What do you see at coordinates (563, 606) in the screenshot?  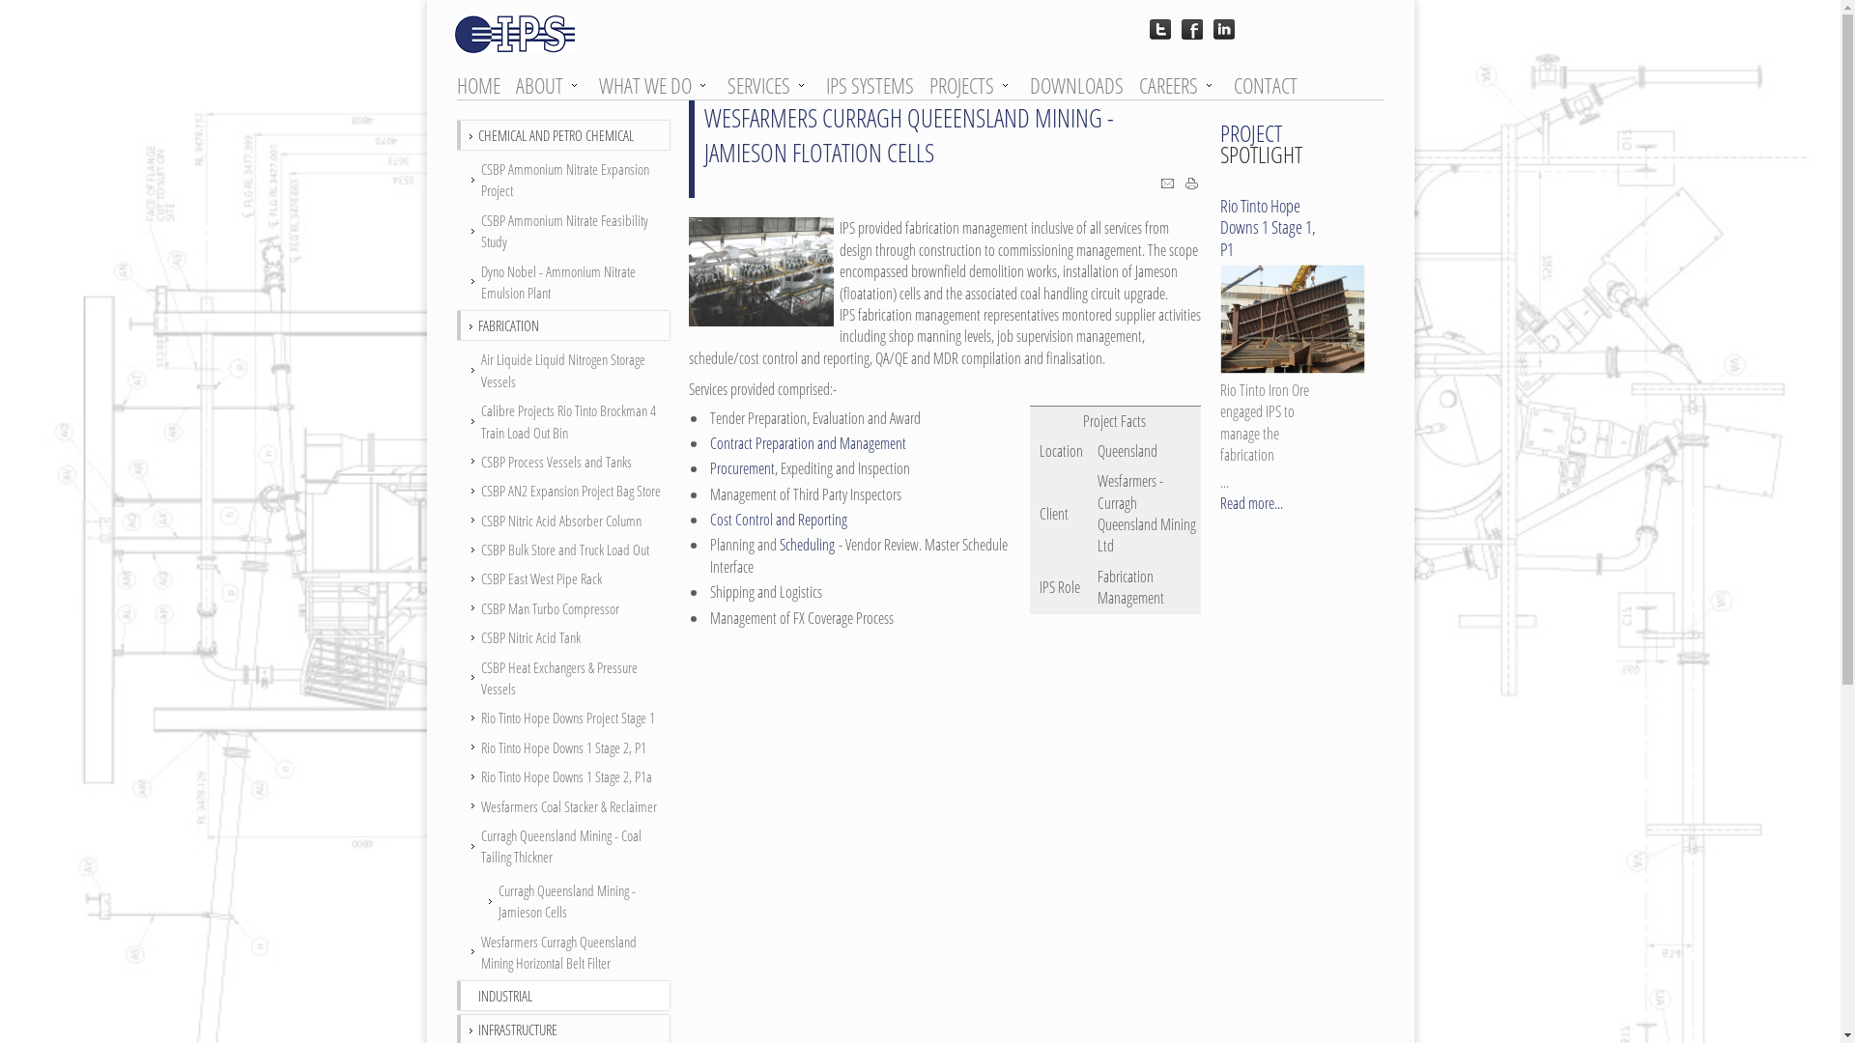 I see `'CSBP Man Turbo Compressor'` at bounding box center [563, 606].